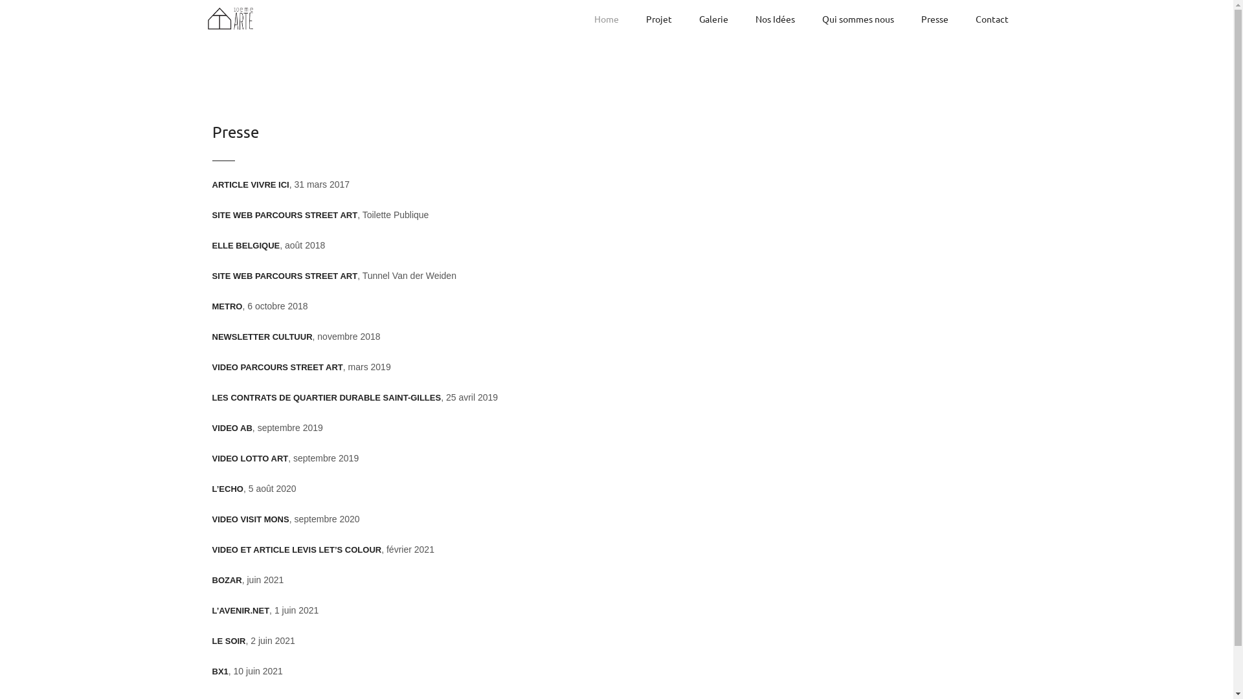  I want to click on 'VIDEO AB', so click(212, 428).